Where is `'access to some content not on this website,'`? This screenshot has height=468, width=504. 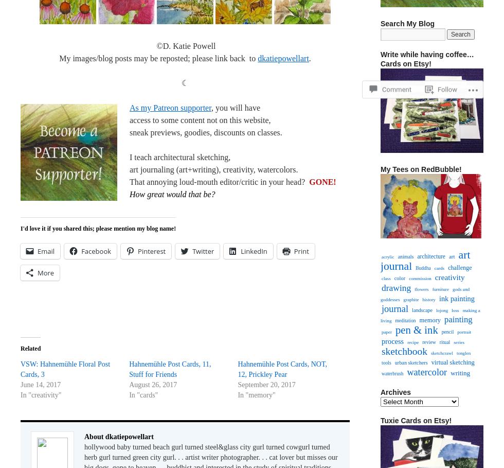 'access to some content not on this website,' is located at coordinates (129, 119).